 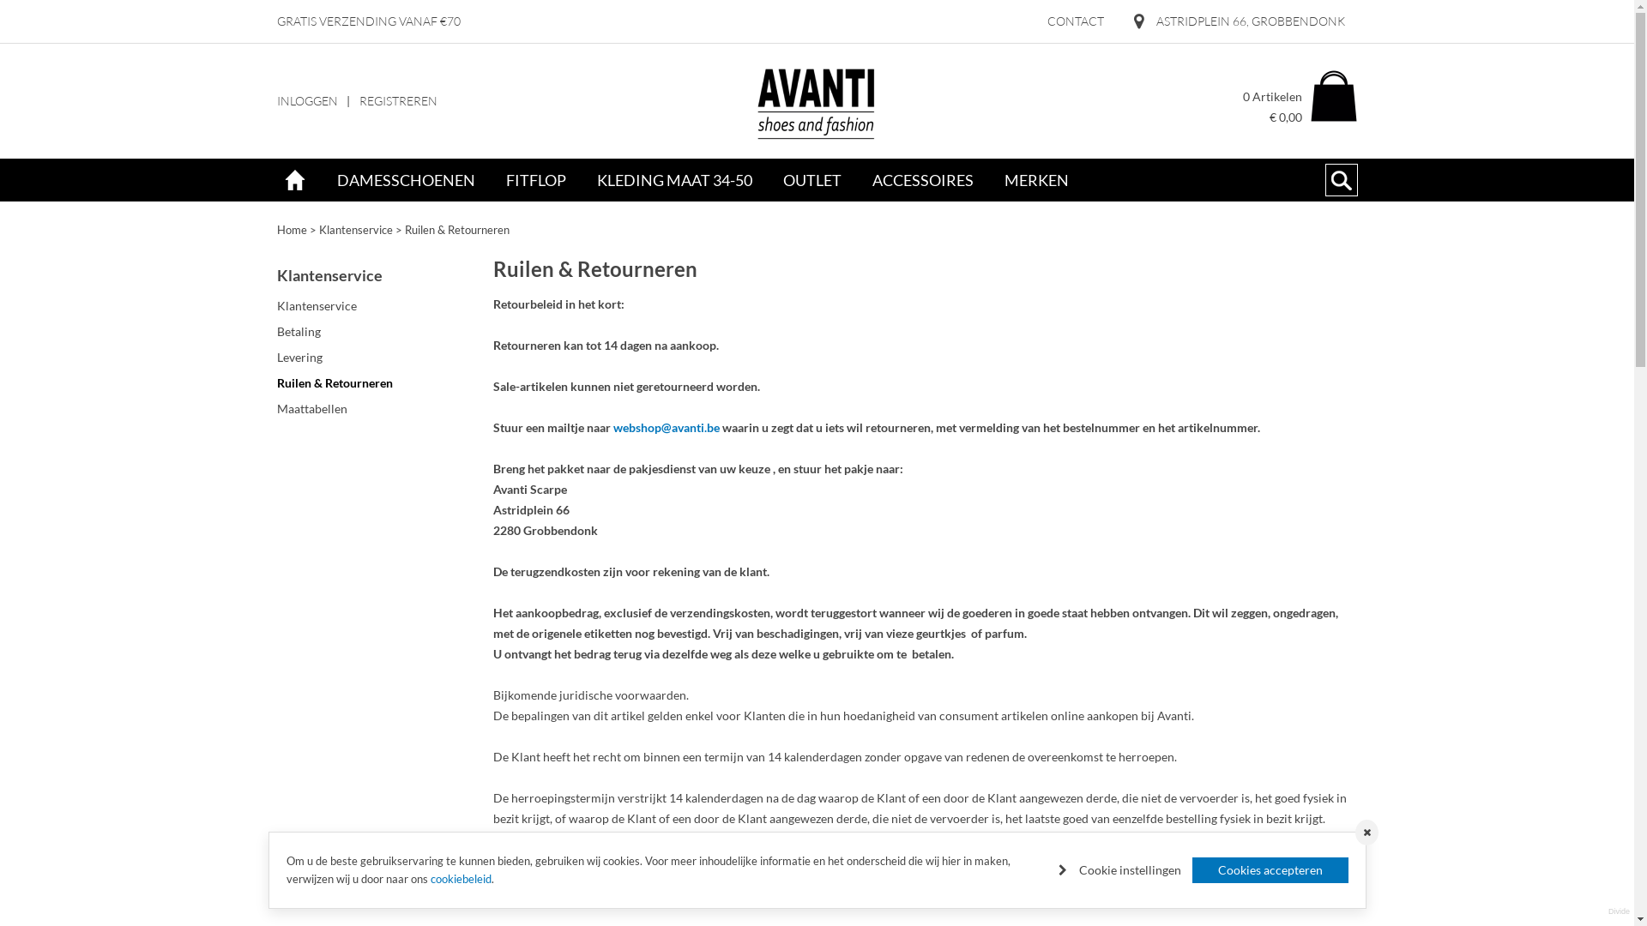 What do you see at coordinates (1036, 21) in the screenshot?
I see `'CONTACT'` at bounding box center [1036, 21].